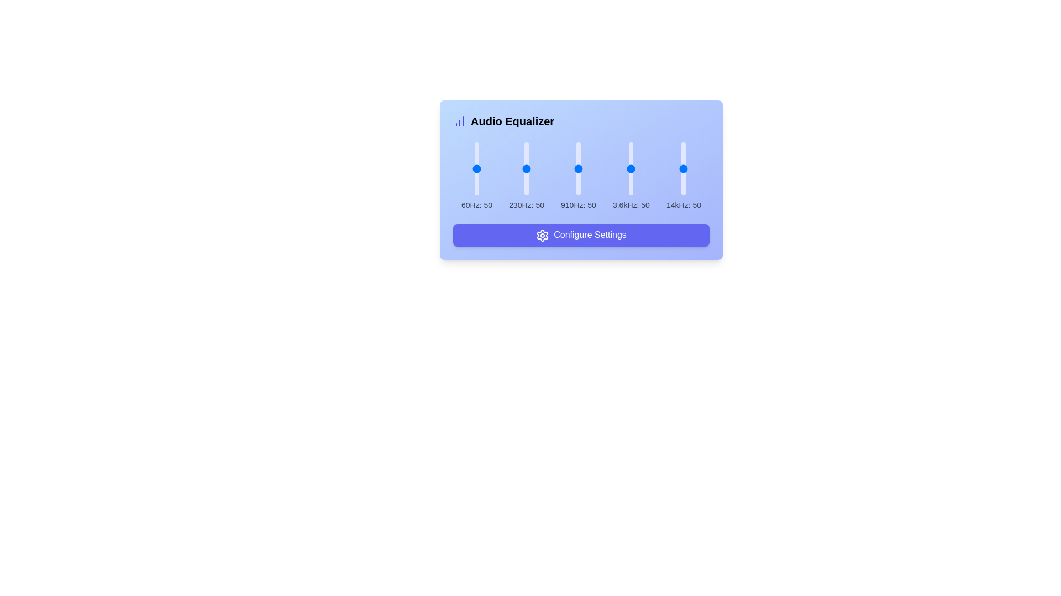 The width and height of the screenshot is (1061, 596). What do you see at coordinates (631, 156) in the screenshot?
I see `the 3.6kHz slider` at bounding box center [631, 156].